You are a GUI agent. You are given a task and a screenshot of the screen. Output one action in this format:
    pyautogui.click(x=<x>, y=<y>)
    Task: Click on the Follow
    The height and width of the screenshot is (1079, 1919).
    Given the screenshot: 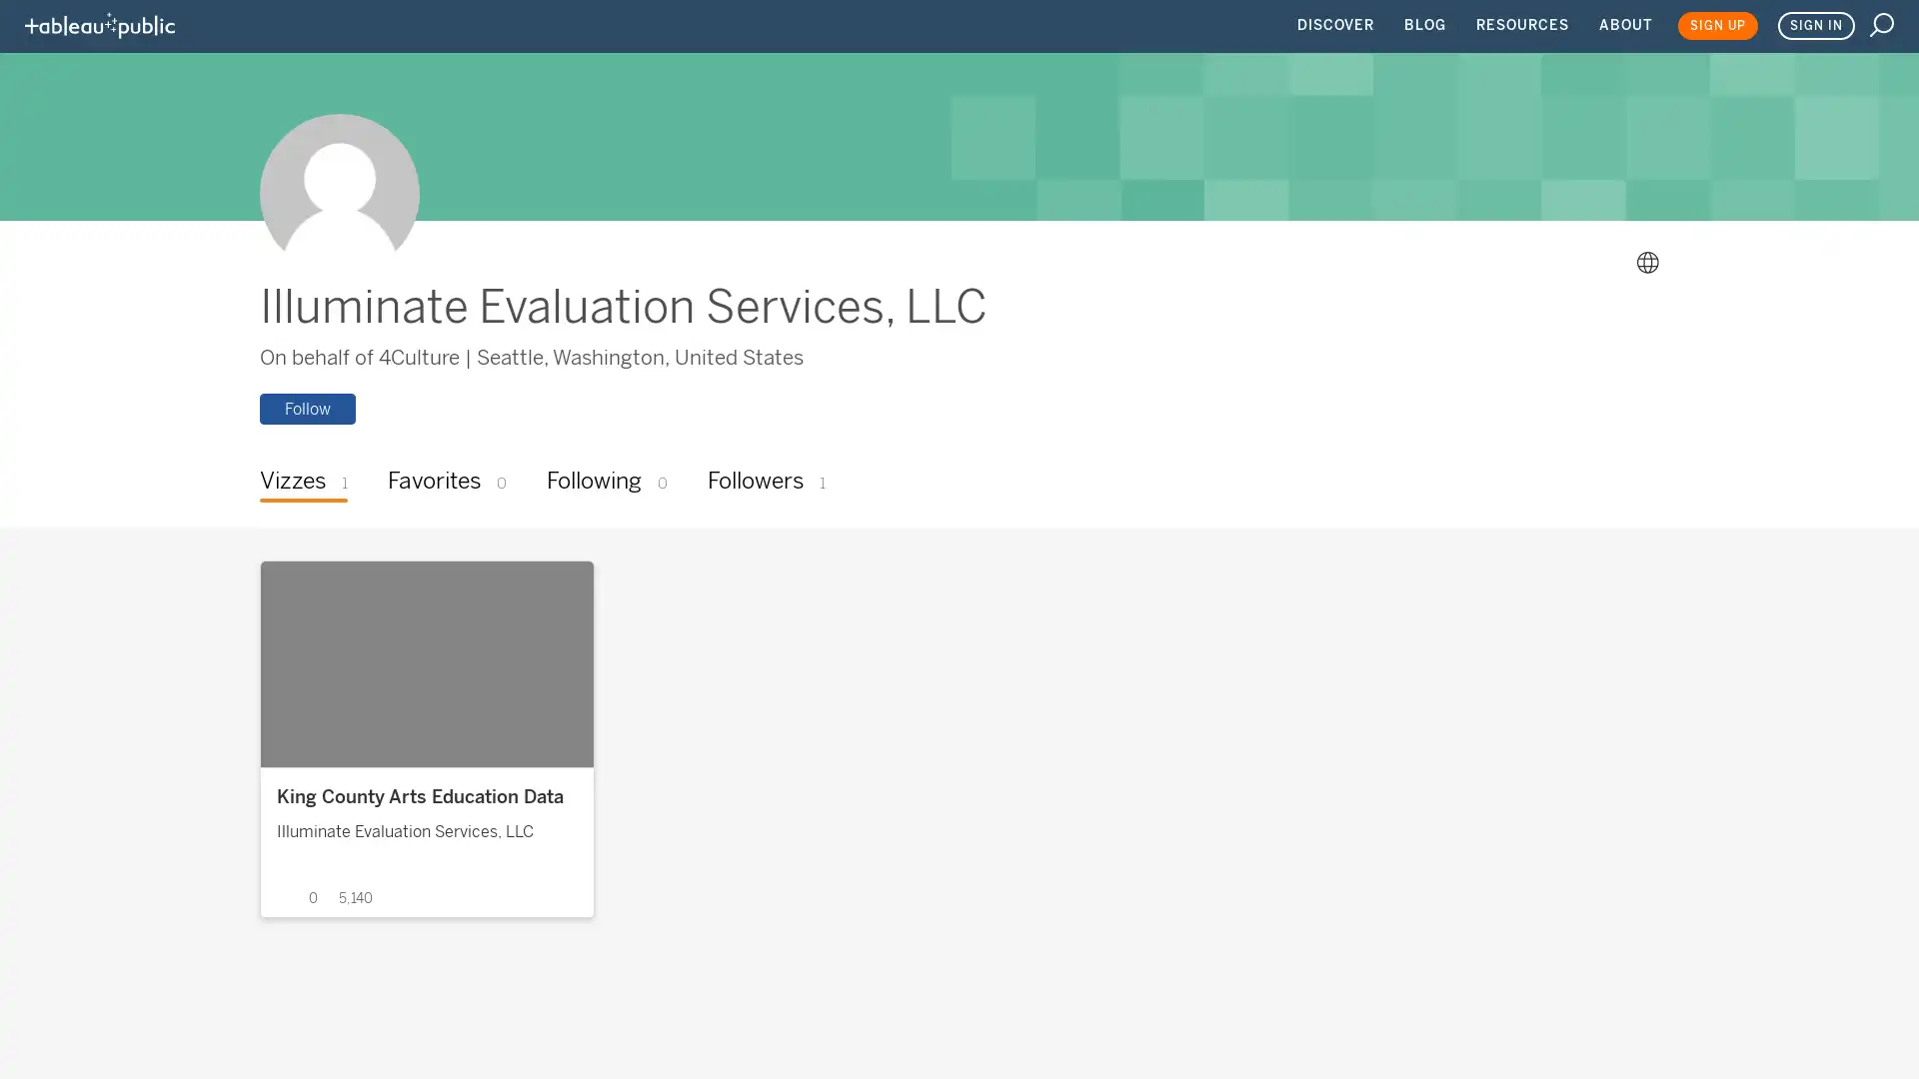 What is the action you would take?
    pyautogui.click(x=306, y=407)
    